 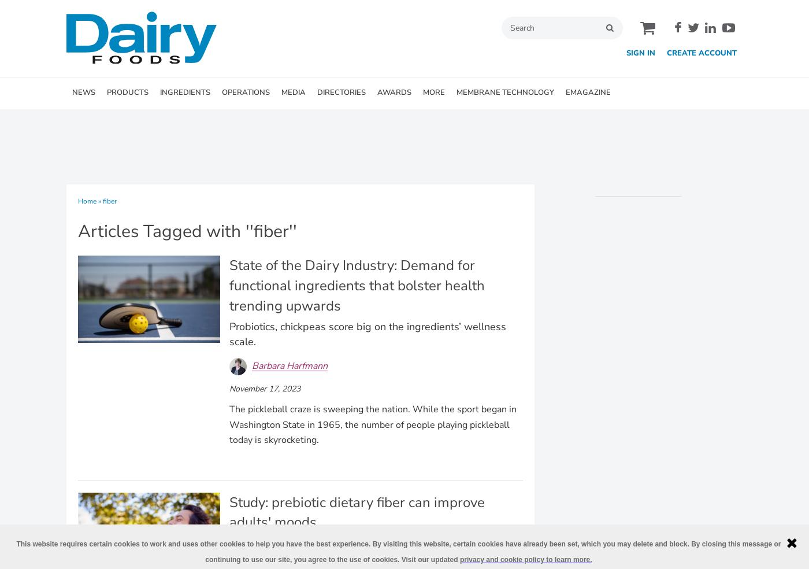 I want to click on 'Create Account', so click(x=667, y=53).